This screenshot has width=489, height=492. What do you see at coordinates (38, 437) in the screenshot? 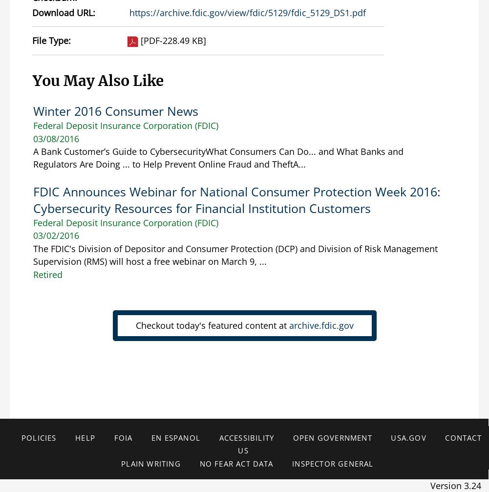
I see `'Policies'` at bounding box center [38, 437].